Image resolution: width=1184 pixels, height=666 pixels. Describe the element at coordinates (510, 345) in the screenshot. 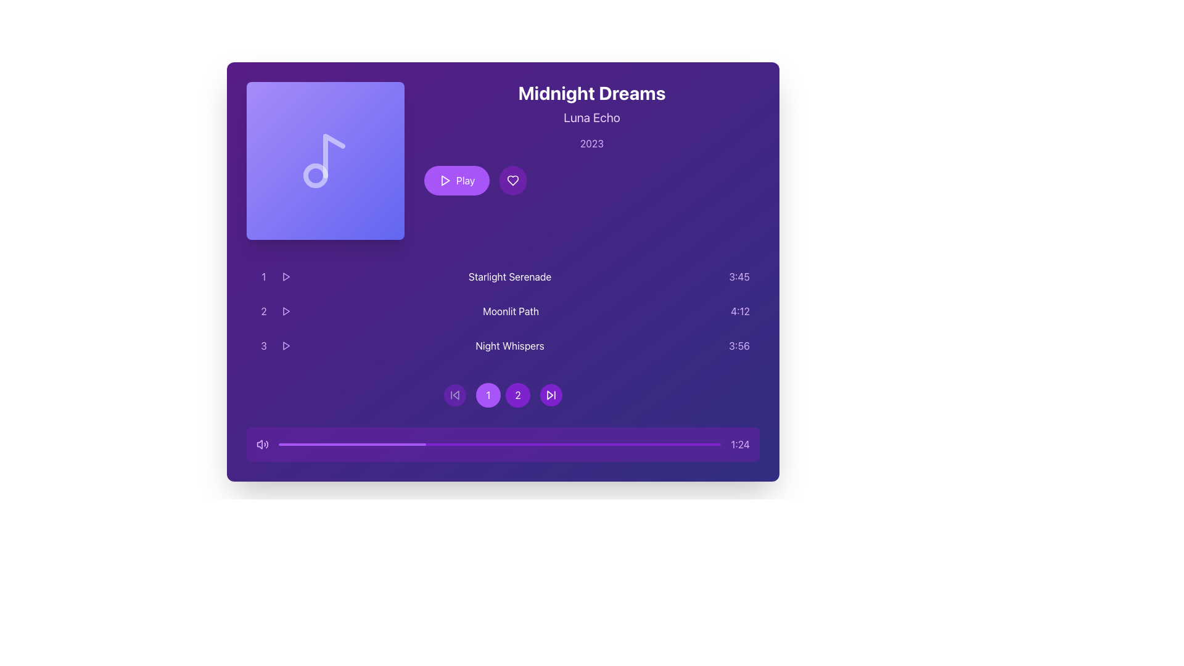

I see `the text label displaying the title 'Night Whispers', which is styled in white text on a purple background, located in the third row of the song titles list` at that location.